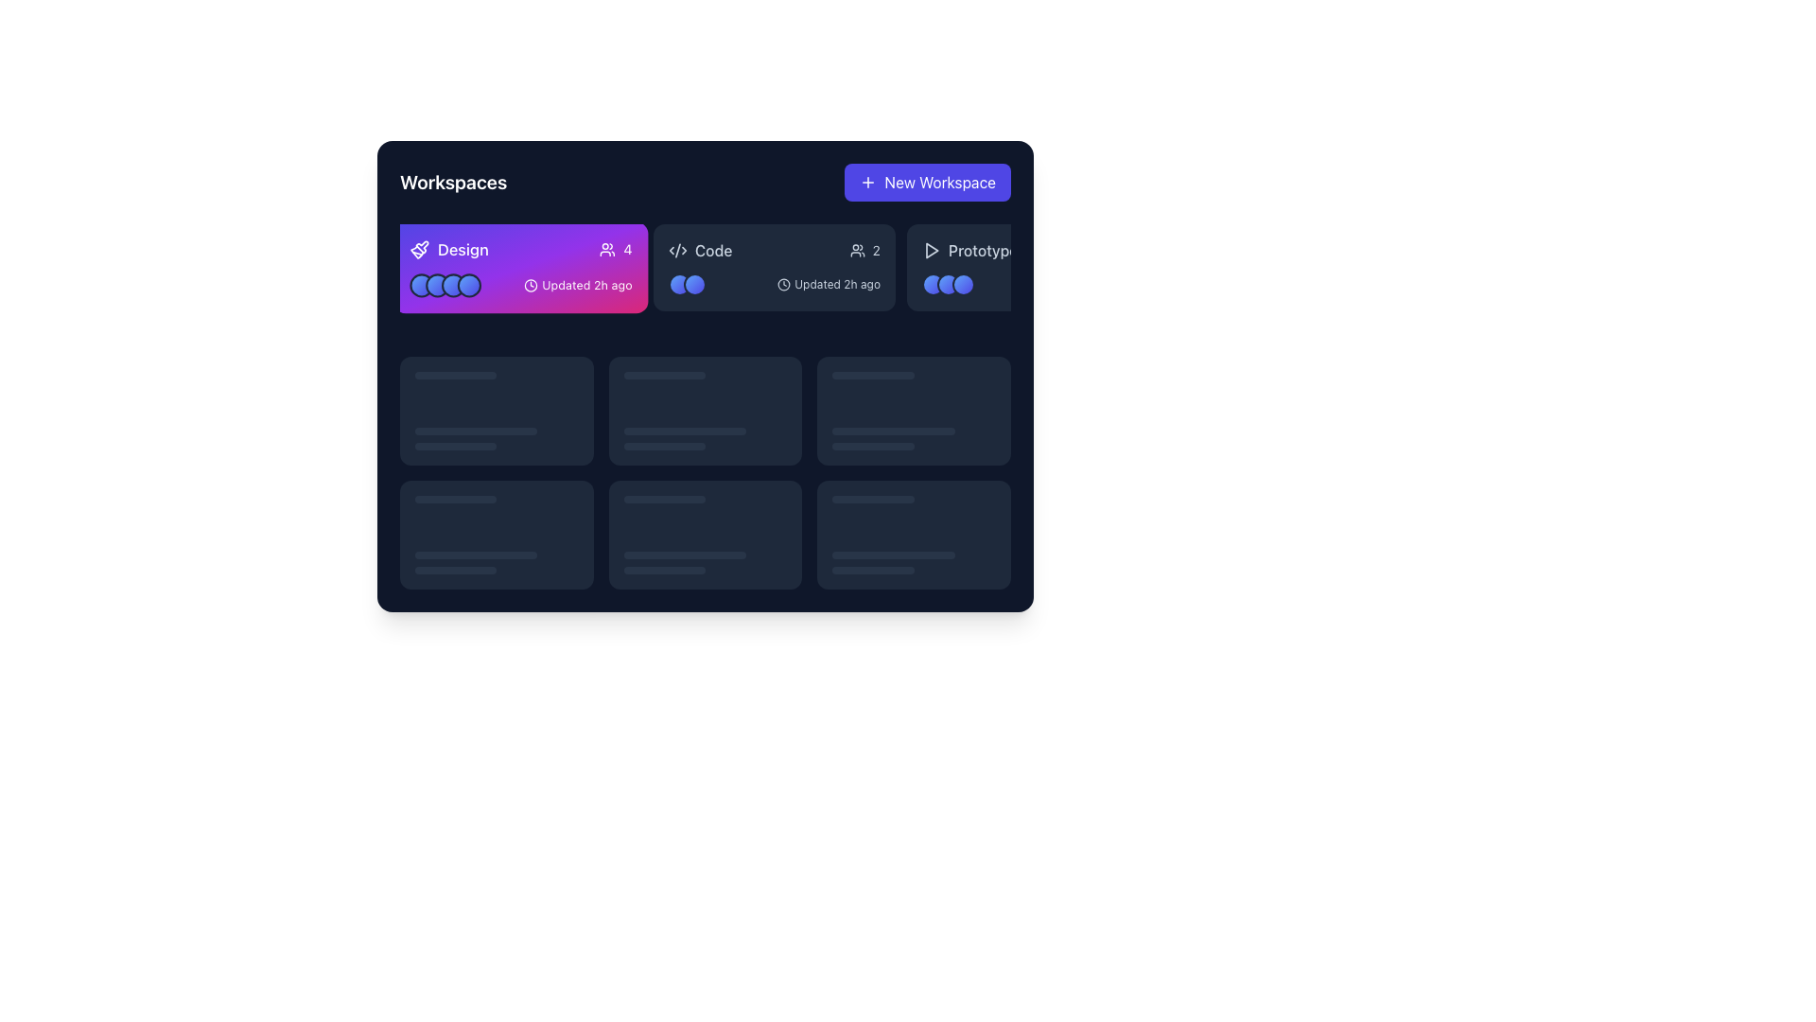  Describe the element at coordinates (436, 285) in the screenshot. I see `the Avatar indicator, which is a small, circular icon with a gradient color scheme transitioning from blue to indigo, outlined with a dark border, located under the 'Design' card heading in the Workspaces section` at that location.